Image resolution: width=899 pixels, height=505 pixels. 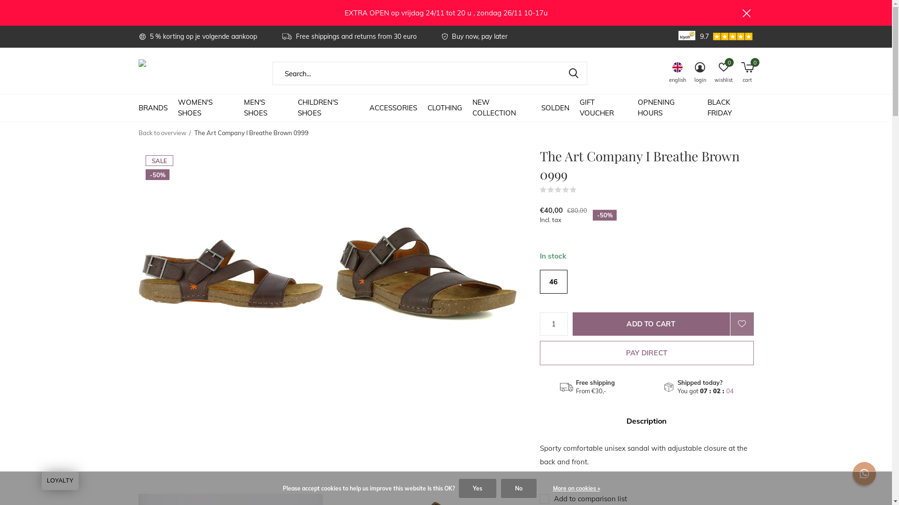 I want to click on 'PAY DIRECT', so click(x=646, y=353).